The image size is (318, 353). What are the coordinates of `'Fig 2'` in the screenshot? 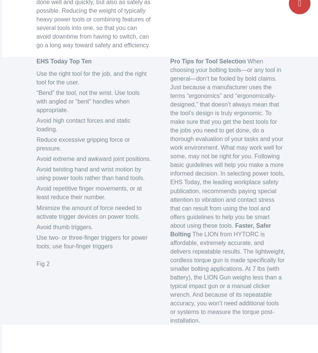 It's located at (43, 263).